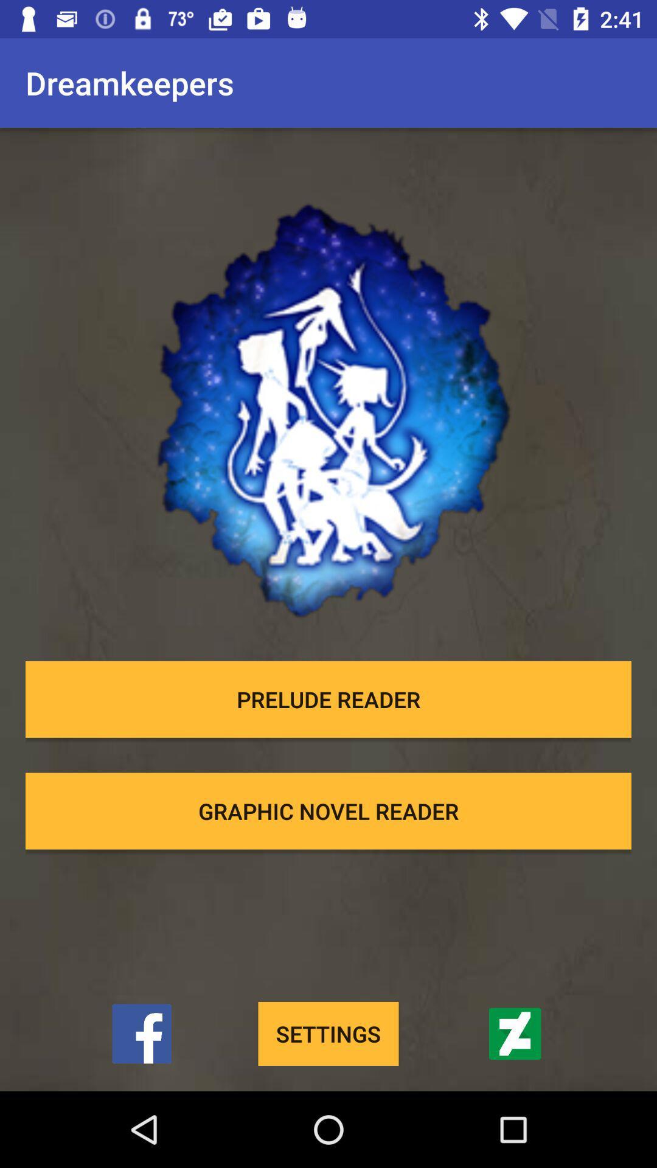 Image resolution: width=657 pixels, height=1168 pixels. I want to click on prelude reader item, so click(328, 699).